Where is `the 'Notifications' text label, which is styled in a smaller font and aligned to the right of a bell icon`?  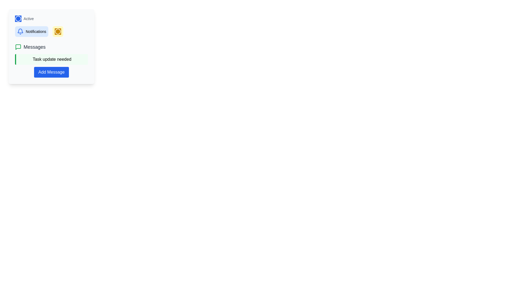 the 'Notifications' text label, which is styled in a smaller font and aligned to the right of a bell icon is located at coordinates (36, 32).